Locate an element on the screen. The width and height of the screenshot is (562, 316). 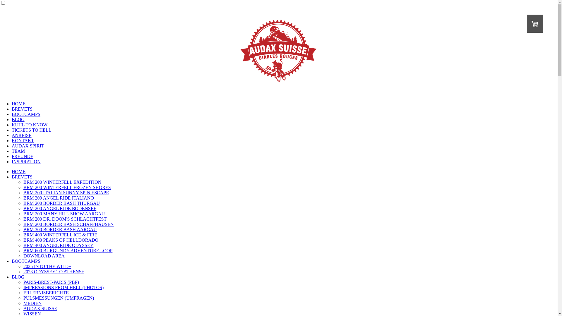
'BRM 400 PEAKS OF HELLDORADO' is located at coordinates (61, 240).